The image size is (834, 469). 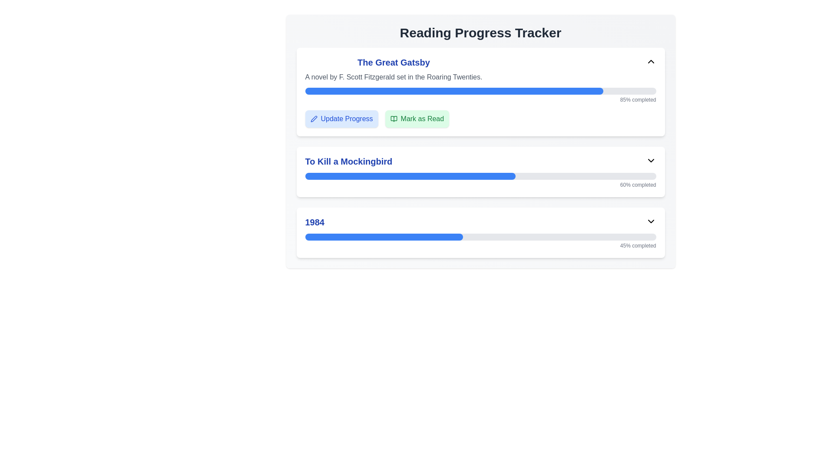 I want to click on the progress bar indicating the reading progress of 'The Great Gatsby', located in the upper portion of the interface under its section, so click(x=480, y=95).